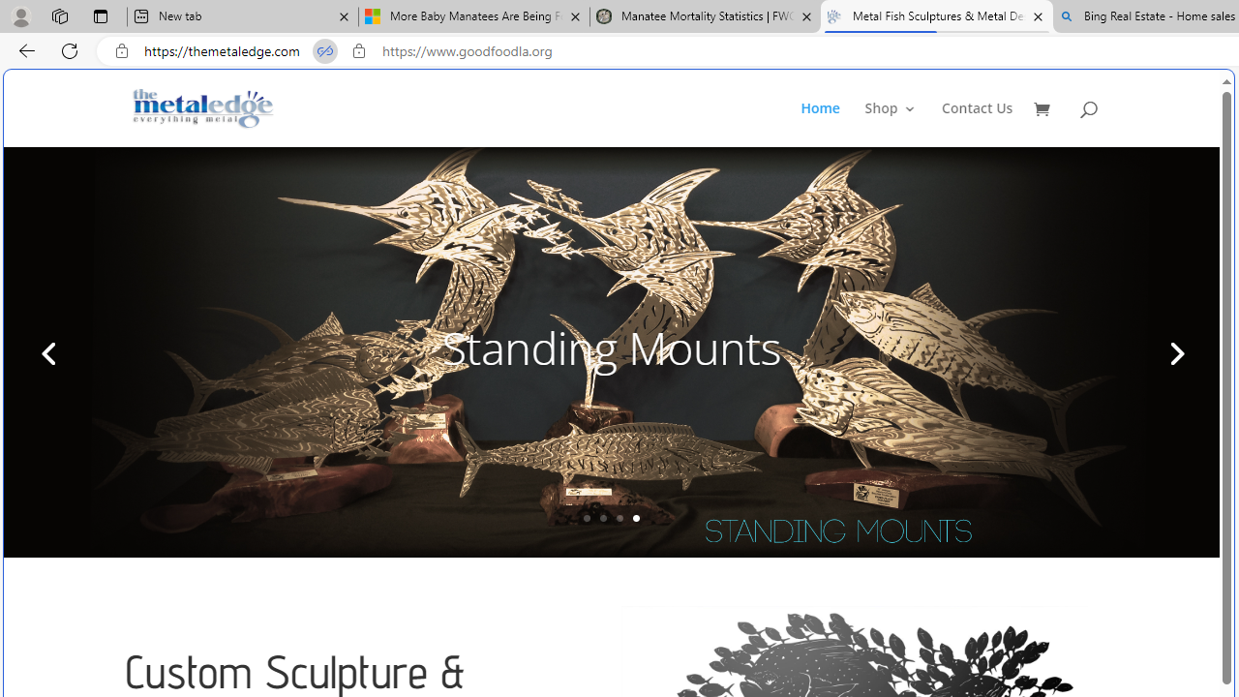 This screenshot has width=1239, height=697. Describe the element at coordinates (900, 124) in the screenshot. I see `'Shop3'` at that location.